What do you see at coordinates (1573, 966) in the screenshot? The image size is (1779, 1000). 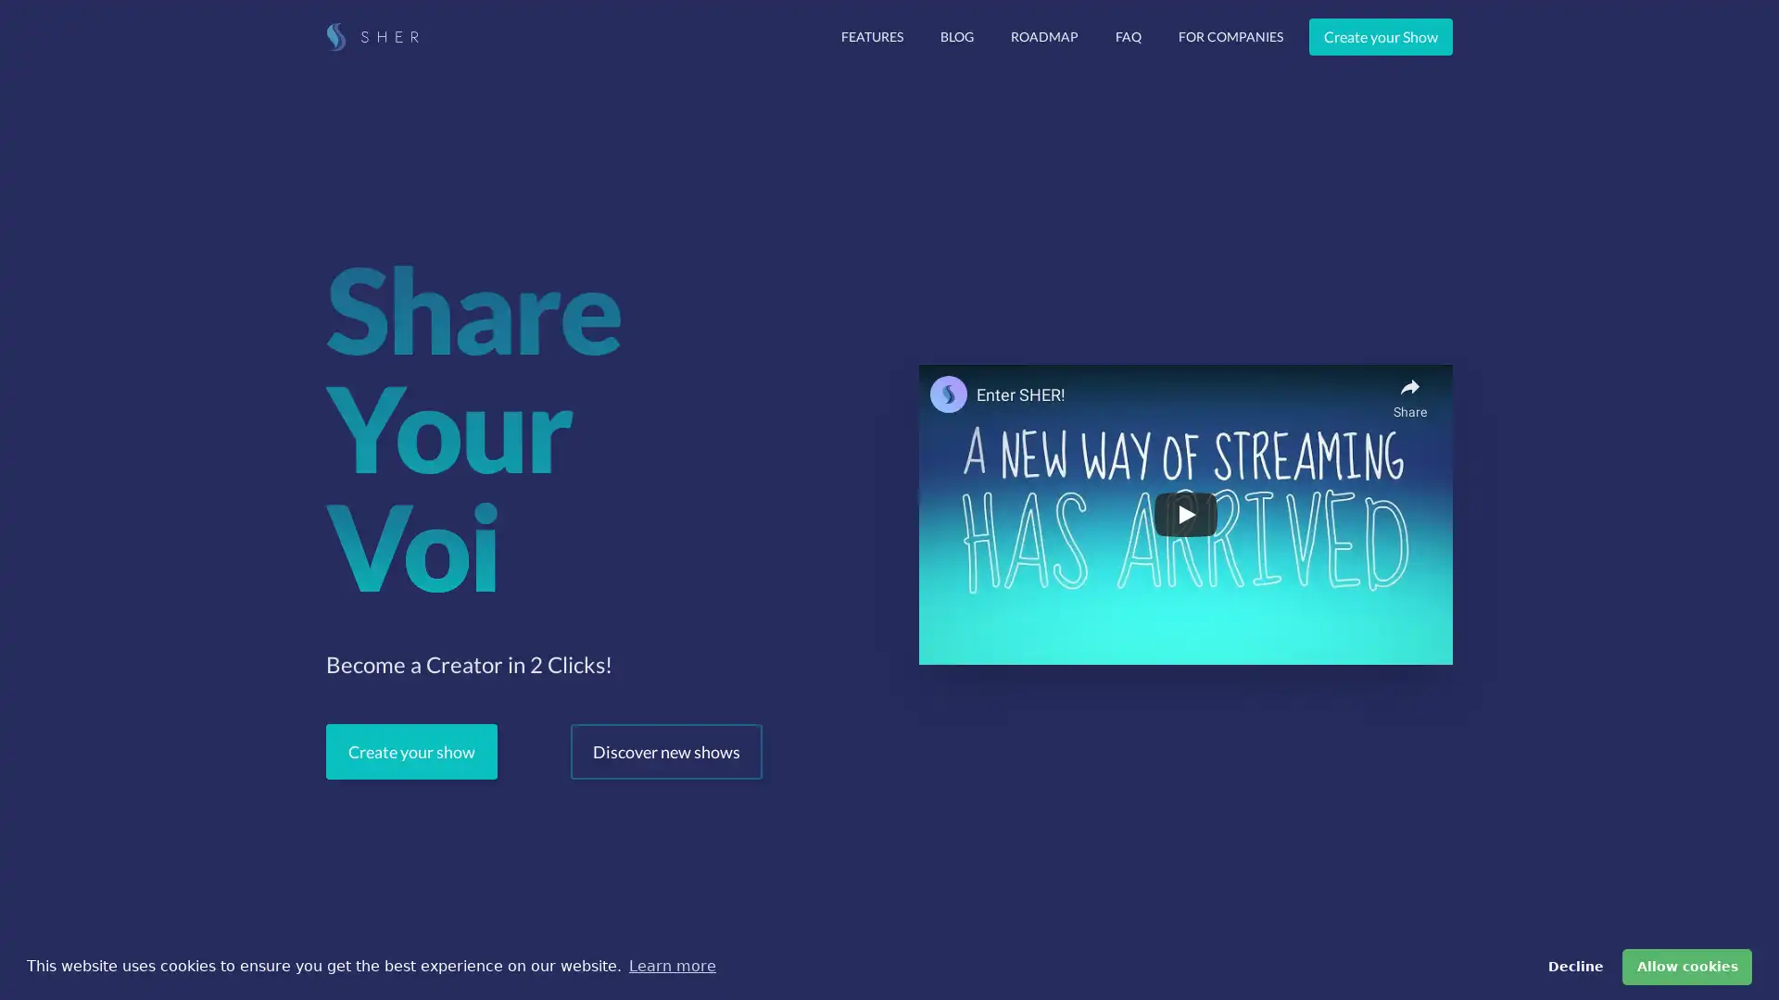 I see `deny cookies` at bounding box center [1573, 966].